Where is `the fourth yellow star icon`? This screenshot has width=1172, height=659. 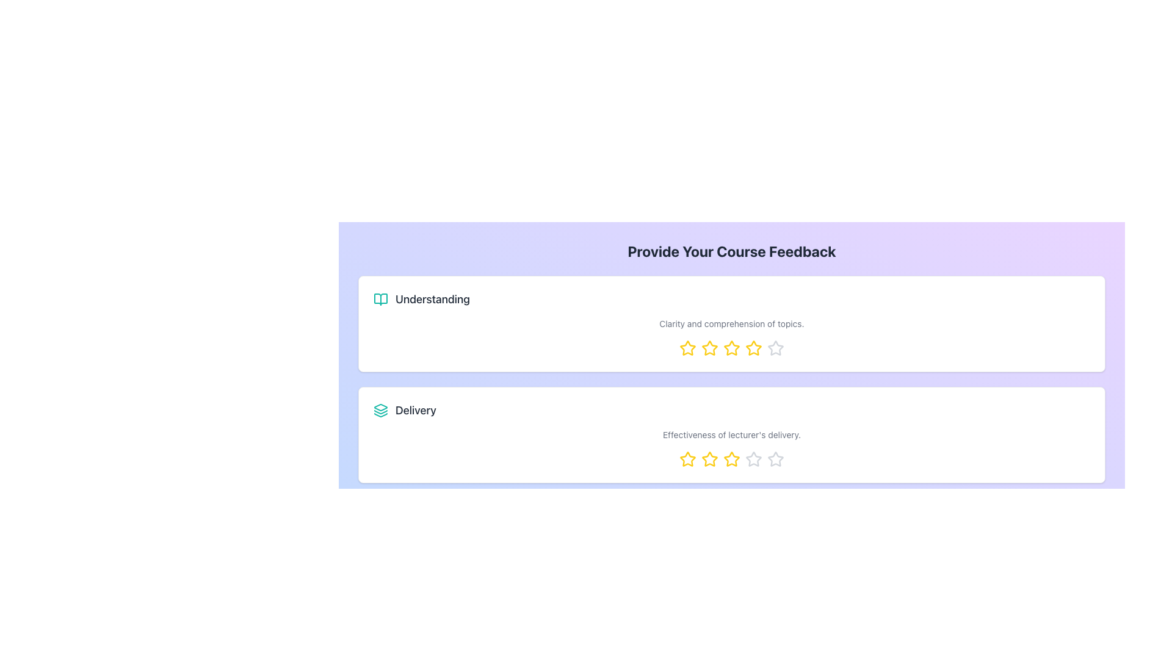
the fourth yellow star icon is located at coordinates (732, 348).